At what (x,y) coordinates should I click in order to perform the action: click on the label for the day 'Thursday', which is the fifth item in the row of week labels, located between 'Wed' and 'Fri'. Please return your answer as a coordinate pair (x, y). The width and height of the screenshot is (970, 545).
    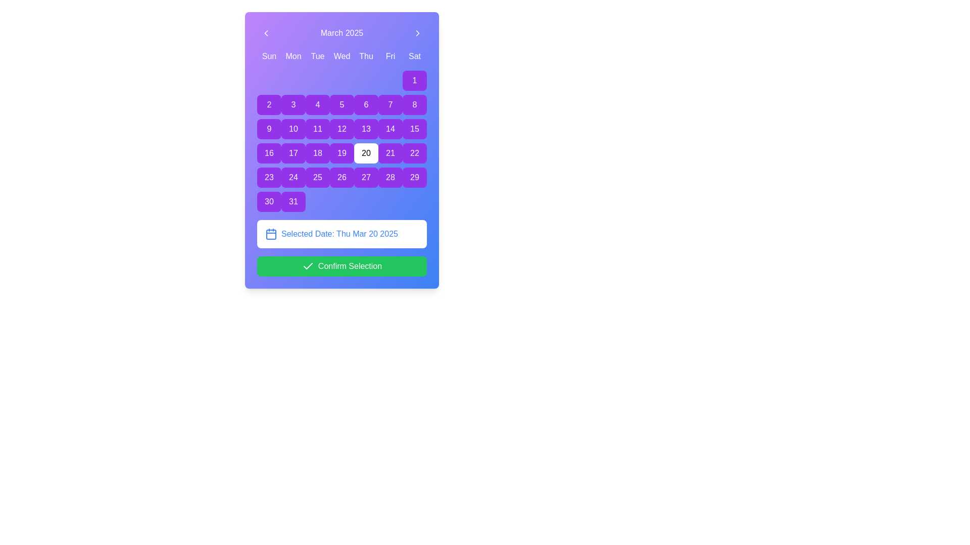
    Looking at the image, I should click on (365, 56).